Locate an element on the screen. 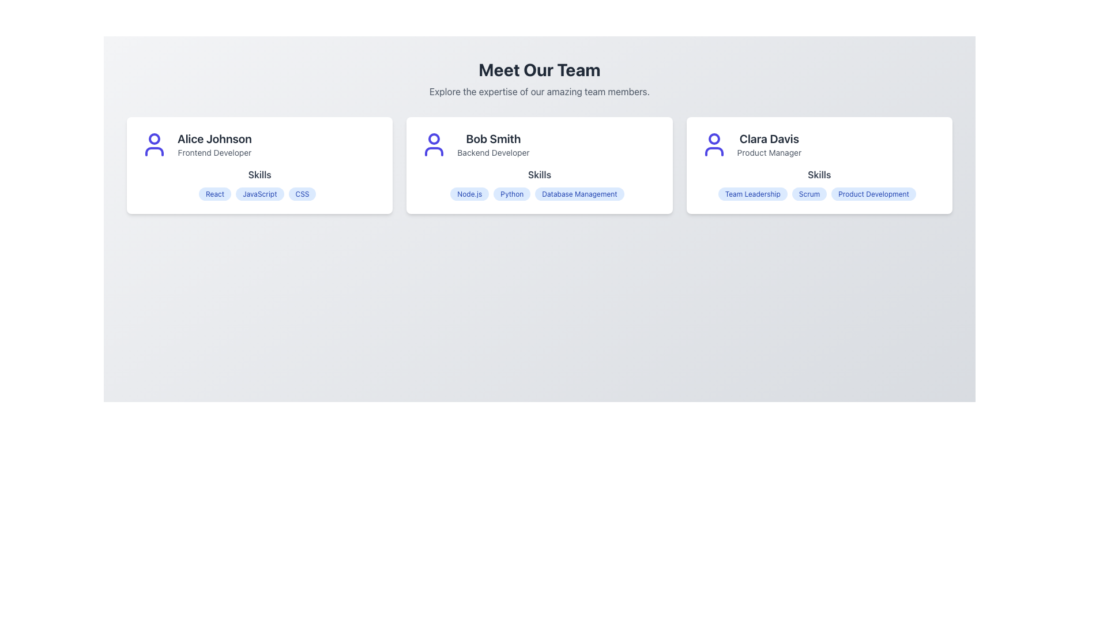 This screenshot has height=623, width=1107. the prominent text label displaying 'Alice Johnson' which is located in the top-left corner of the first card in a row of cards is located at coordinates (214, 138).